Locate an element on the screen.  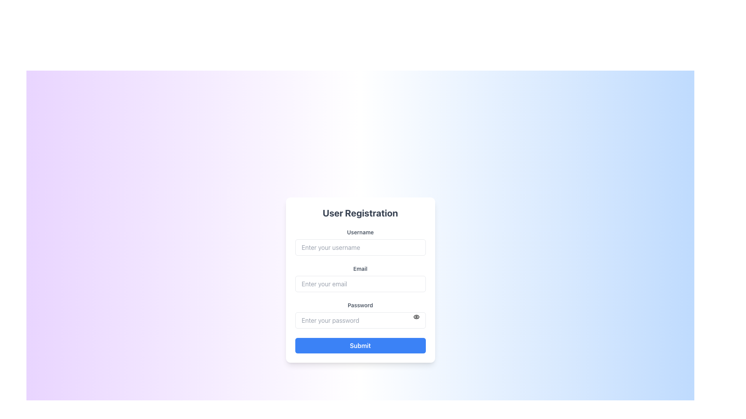
the 'User Registration' header text which is bold, large, and centrally aligned at the top of a white card is located at coordinates (360, 213).